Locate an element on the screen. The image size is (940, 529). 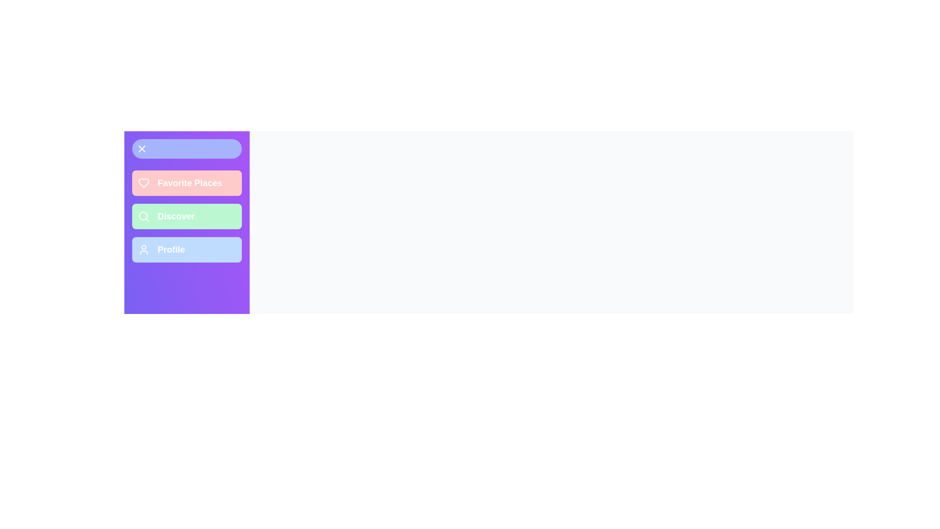
the menu item labeled Discover is located at coordinates (187, 216).